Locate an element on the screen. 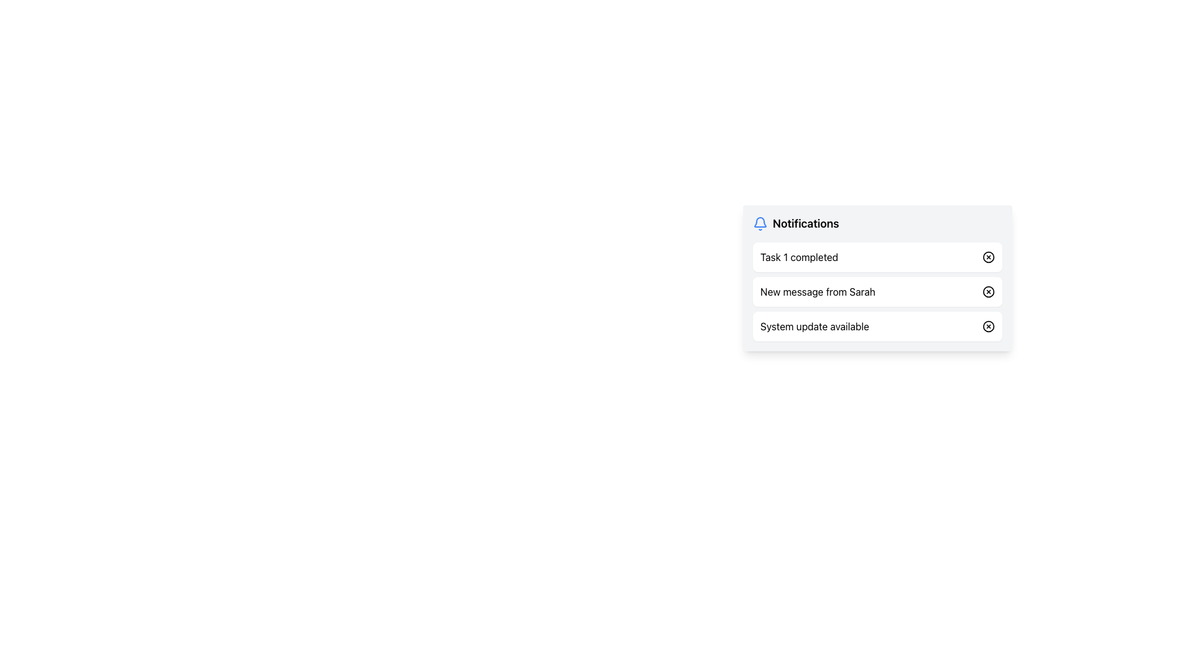 The image size is (1188, 668). circular part of the 'X' button located on the rightmost side of the second row in the notification panel is located at coordinates (988, 291).